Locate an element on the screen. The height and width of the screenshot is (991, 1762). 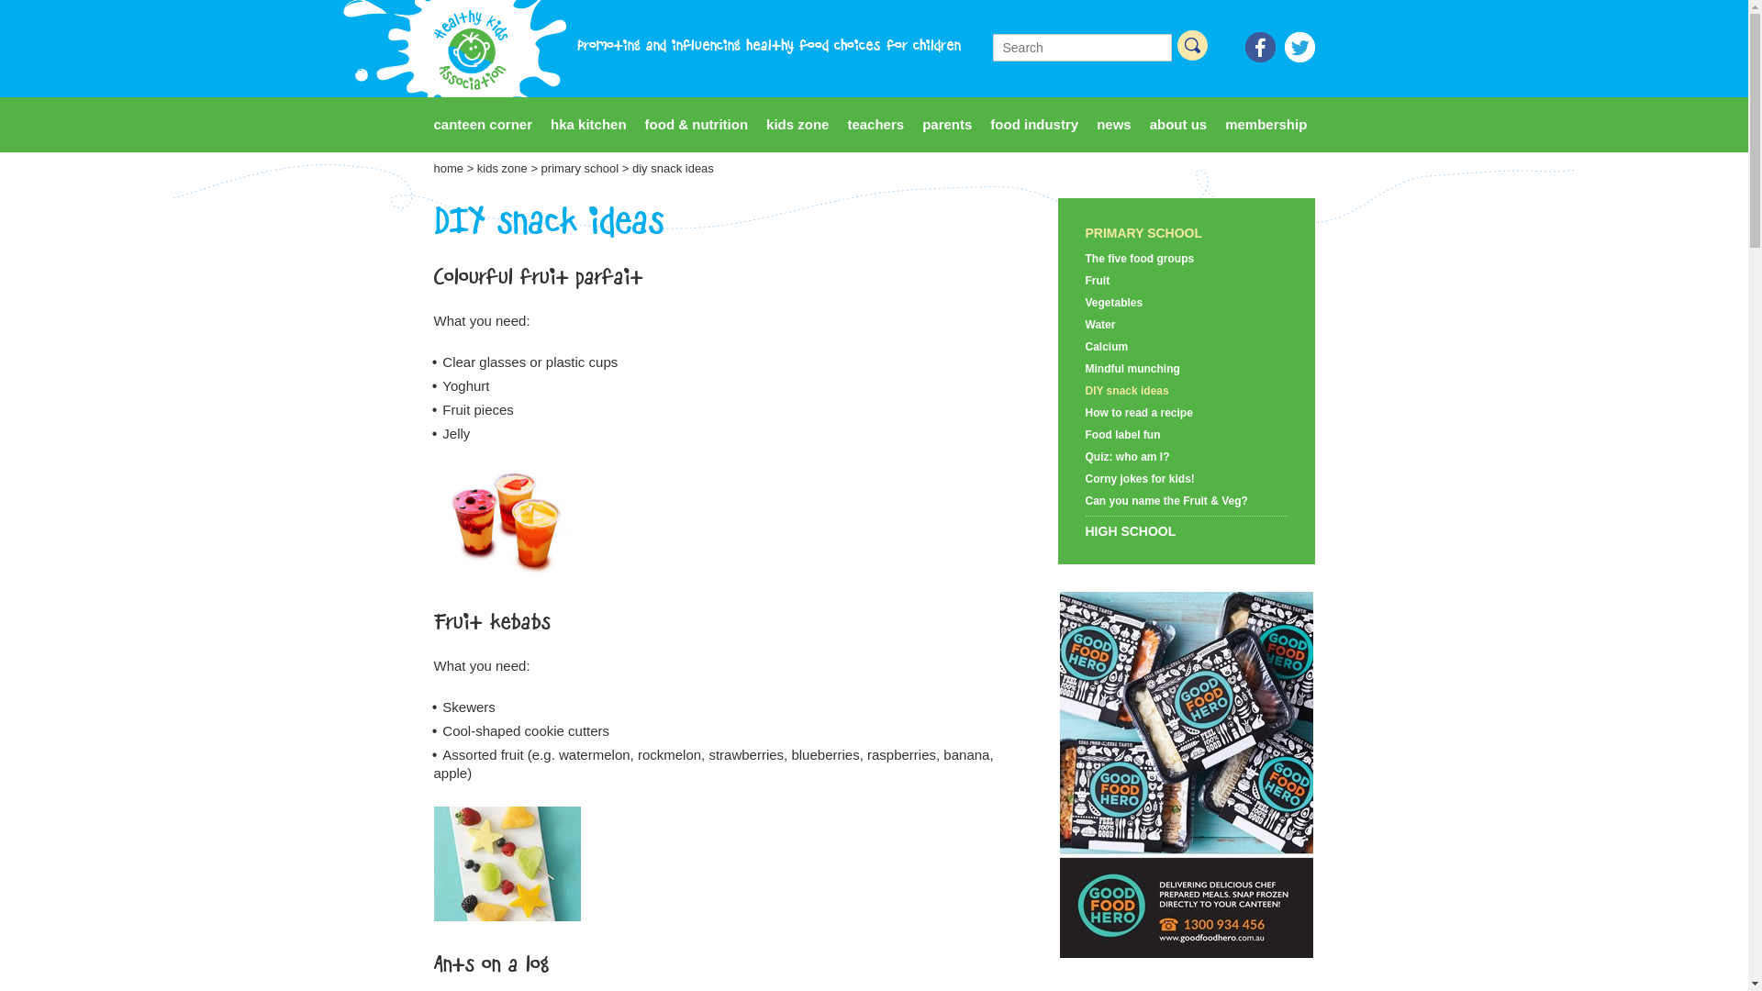
'primary school' is located at coordinates (579, 168).